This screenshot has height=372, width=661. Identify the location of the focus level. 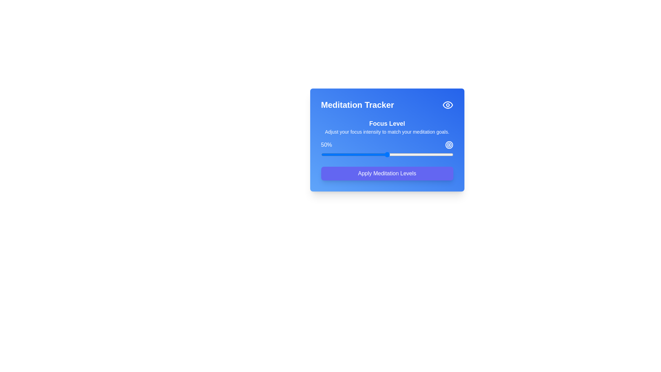
(347, 154).